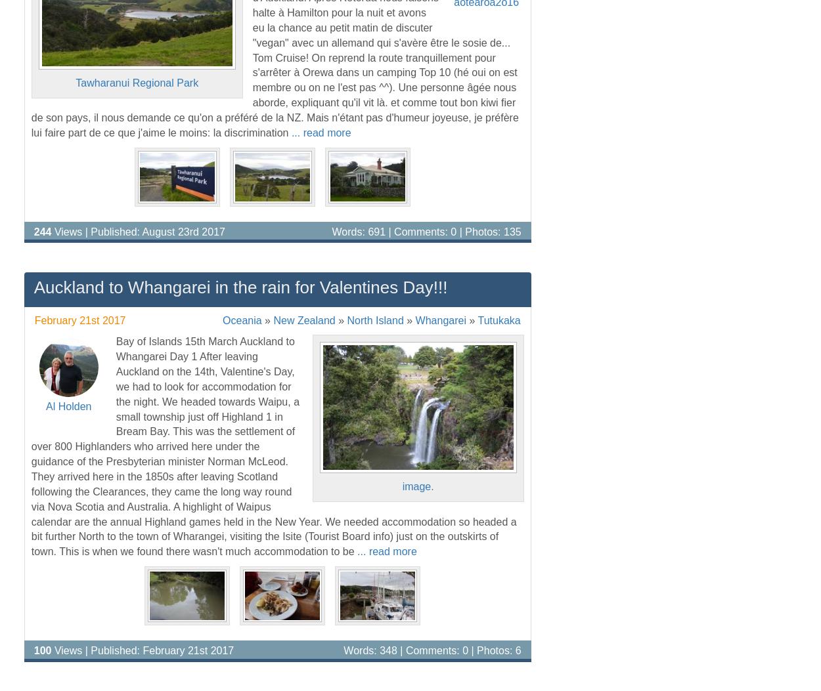 The image size is (821, 691). Describe the element at coordinates (142, 650) in the screenshot. I see `'Views | Published: February 21st 2017'` at that location.